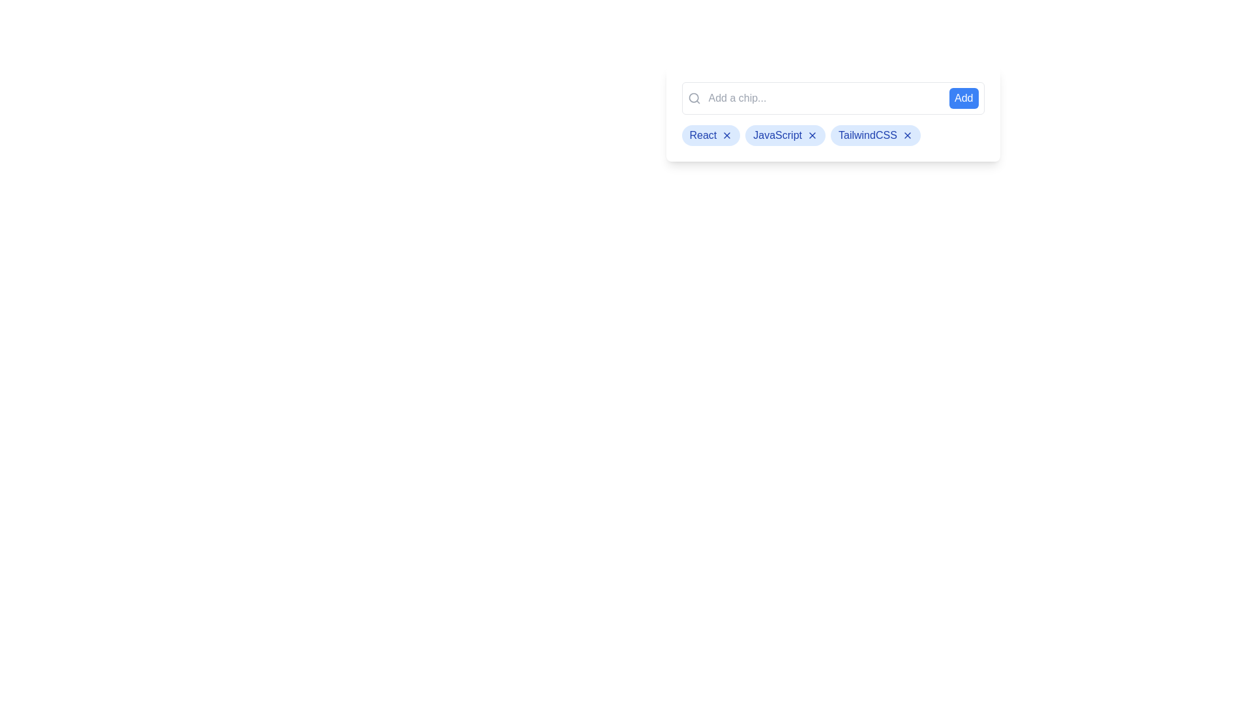  I want to click on the chip labeled TailwindCSS, so click(875, 136).